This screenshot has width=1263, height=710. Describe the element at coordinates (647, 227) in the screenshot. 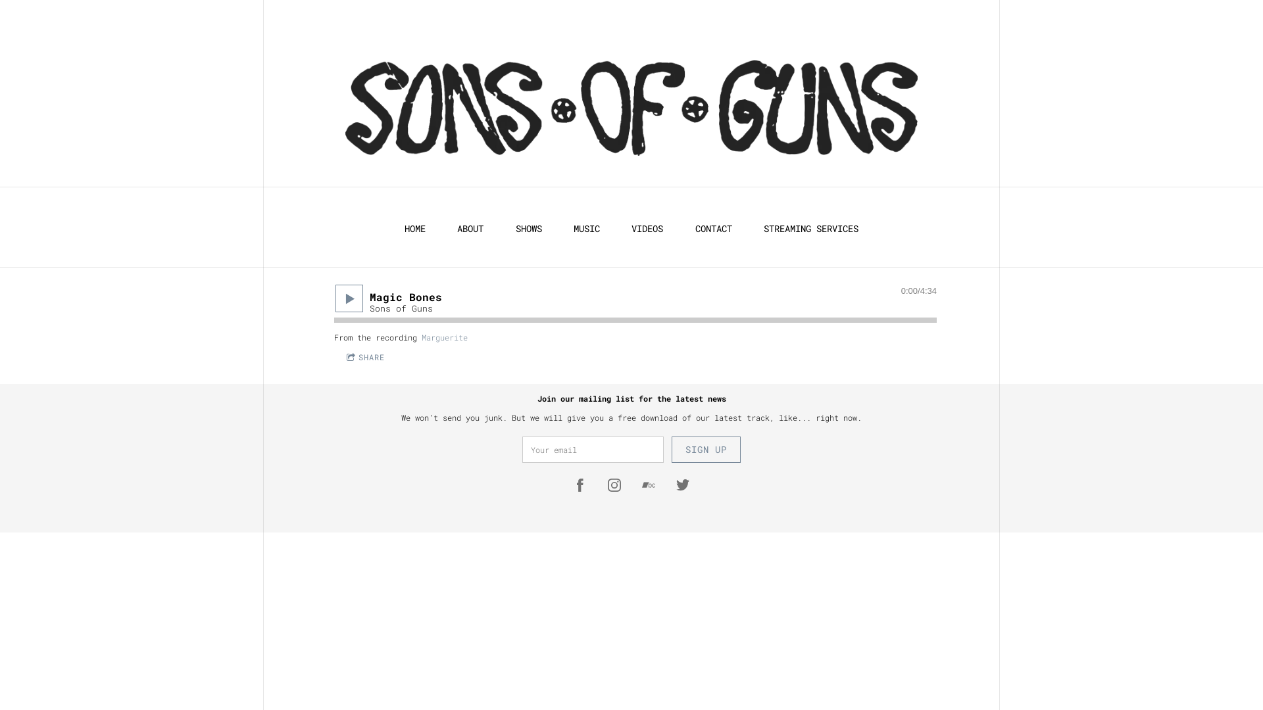

I see `'VIDEOS'` at that location.